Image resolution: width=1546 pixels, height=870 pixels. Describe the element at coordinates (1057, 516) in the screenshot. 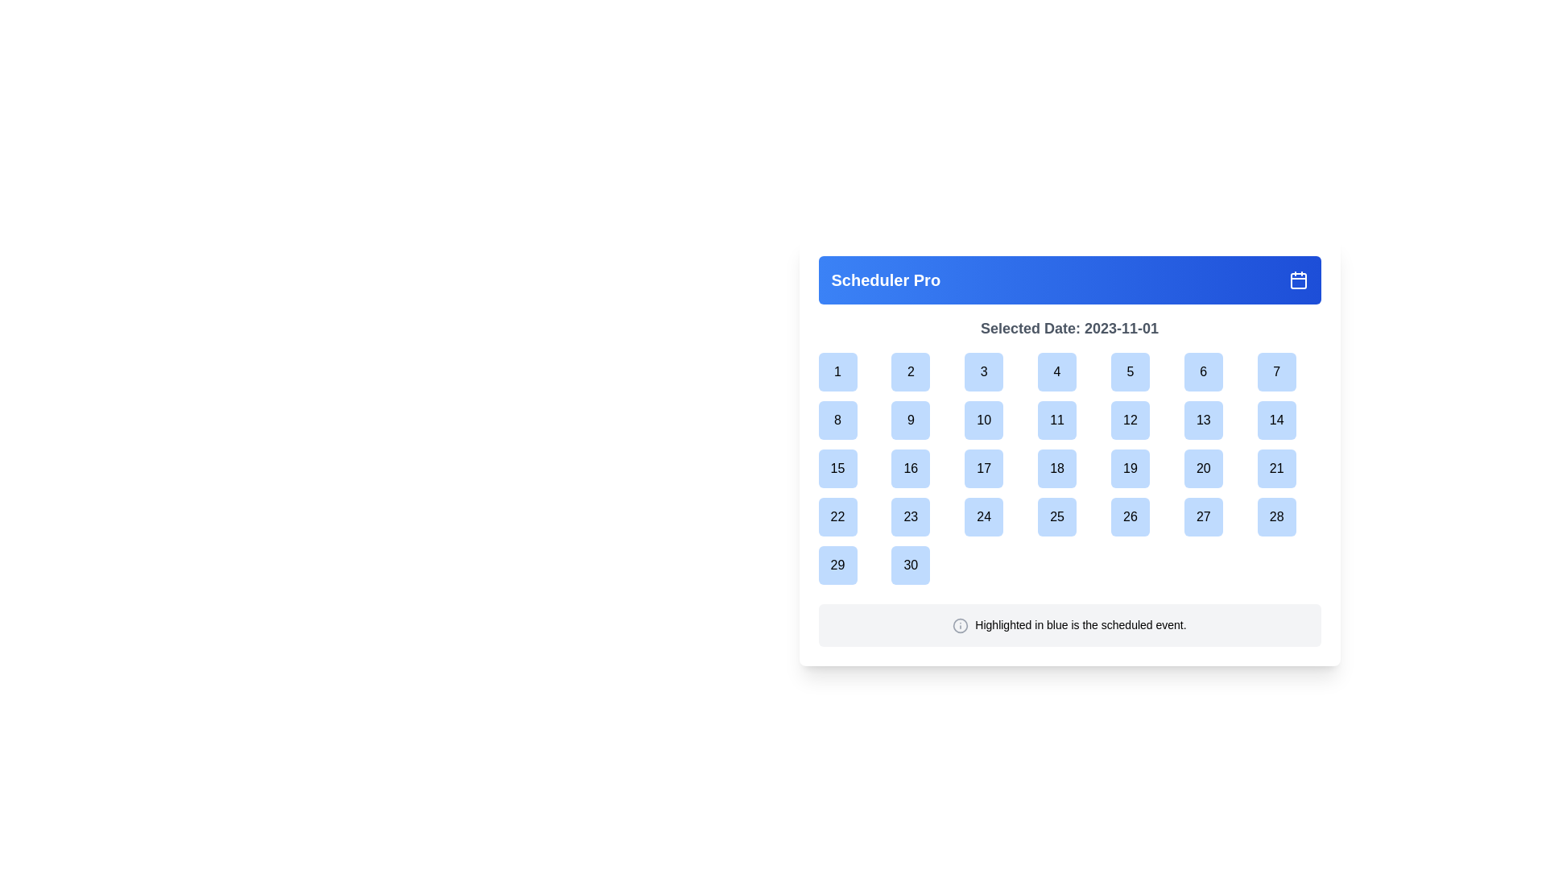

I see `the blue button displaying '25' in the calendar grid` at that location.